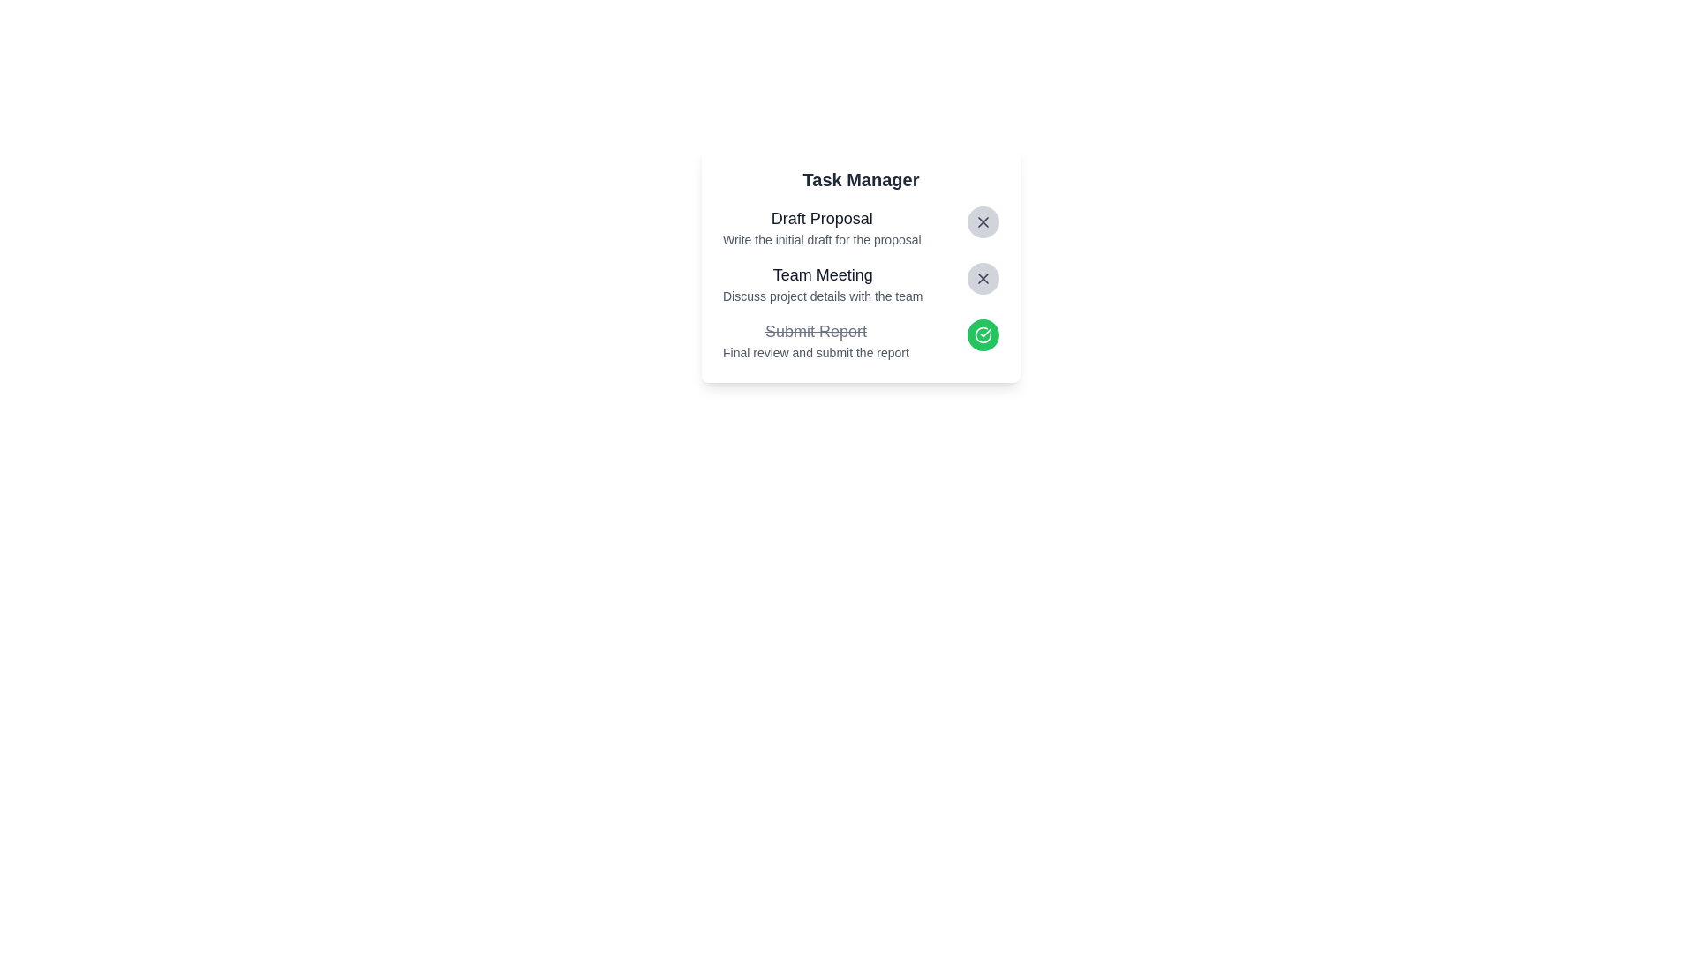 This screenshot has height=953, width=1695. What do you see at coordinates (861, 180) in the screenshot?
I see `the header text element that serves as the title for the task management component, indicating its purpose and location at the top of a white, rounded box with a shadowed border` at bounding box center [861, 180].